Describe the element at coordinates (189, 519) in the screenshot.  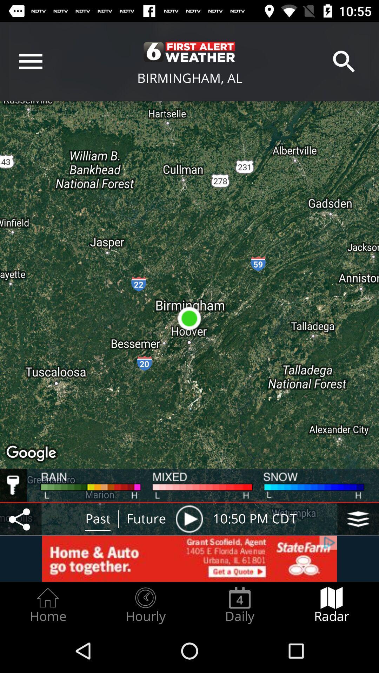
I see `the icon next to future icon` at that location.